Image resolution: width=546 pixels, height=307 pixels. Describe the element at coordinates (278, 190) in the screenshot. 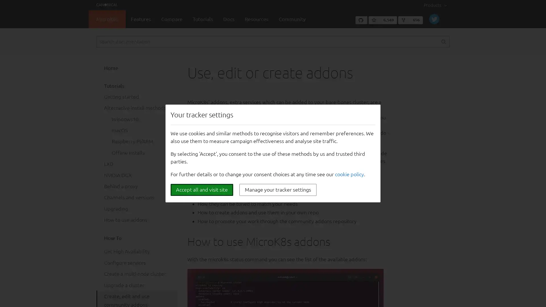

I see `Manage your tracker settings` at that location.